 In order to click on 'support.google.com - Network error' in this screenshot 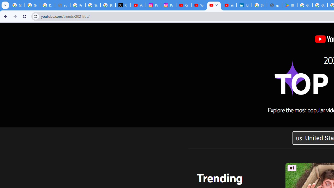, I will do `click(63, 5)`.